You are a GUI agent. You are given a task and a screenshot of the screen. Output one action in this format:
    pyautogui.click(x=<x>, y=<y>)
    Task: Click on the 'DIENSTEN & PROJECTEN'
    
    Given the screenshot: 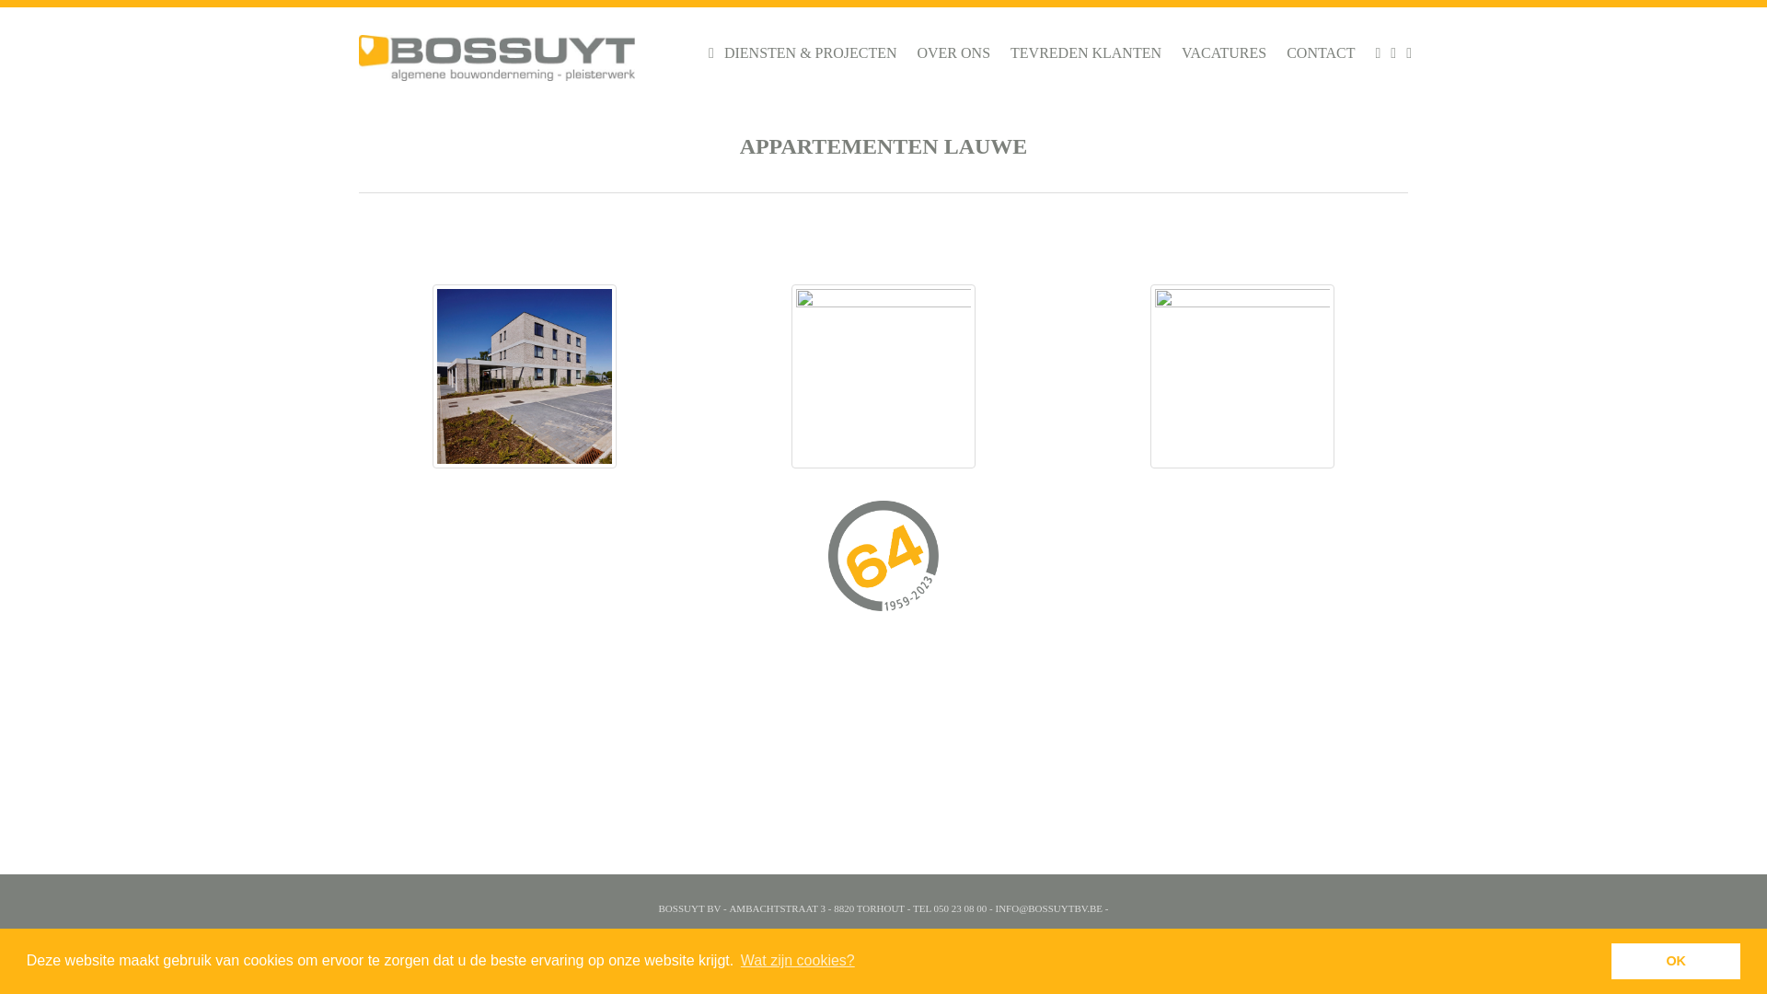 What is the action you would take?
    pyautogui.click(x=810, y=52)
    